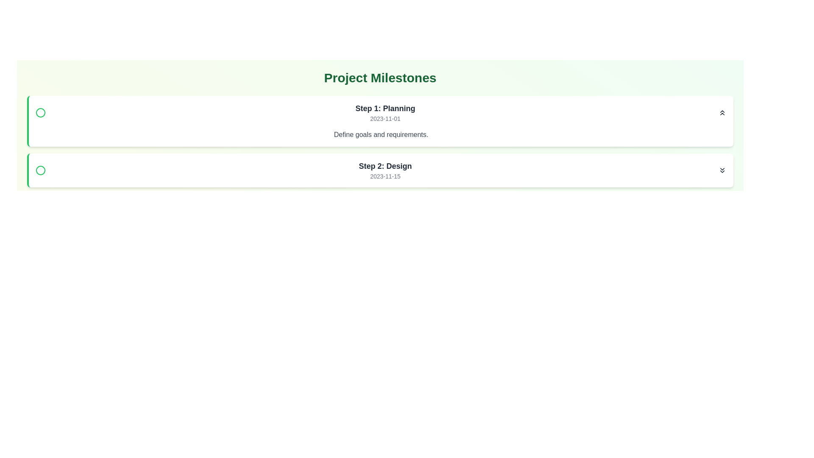 The image size is (814, 458). What do you see at coordinates (40, 112) in the screenshot?
I see `the status icon indicating 'Step 1: Planning' in the milestone tracker, located at the far-left of the row layout` at bounding box center [40, 112].